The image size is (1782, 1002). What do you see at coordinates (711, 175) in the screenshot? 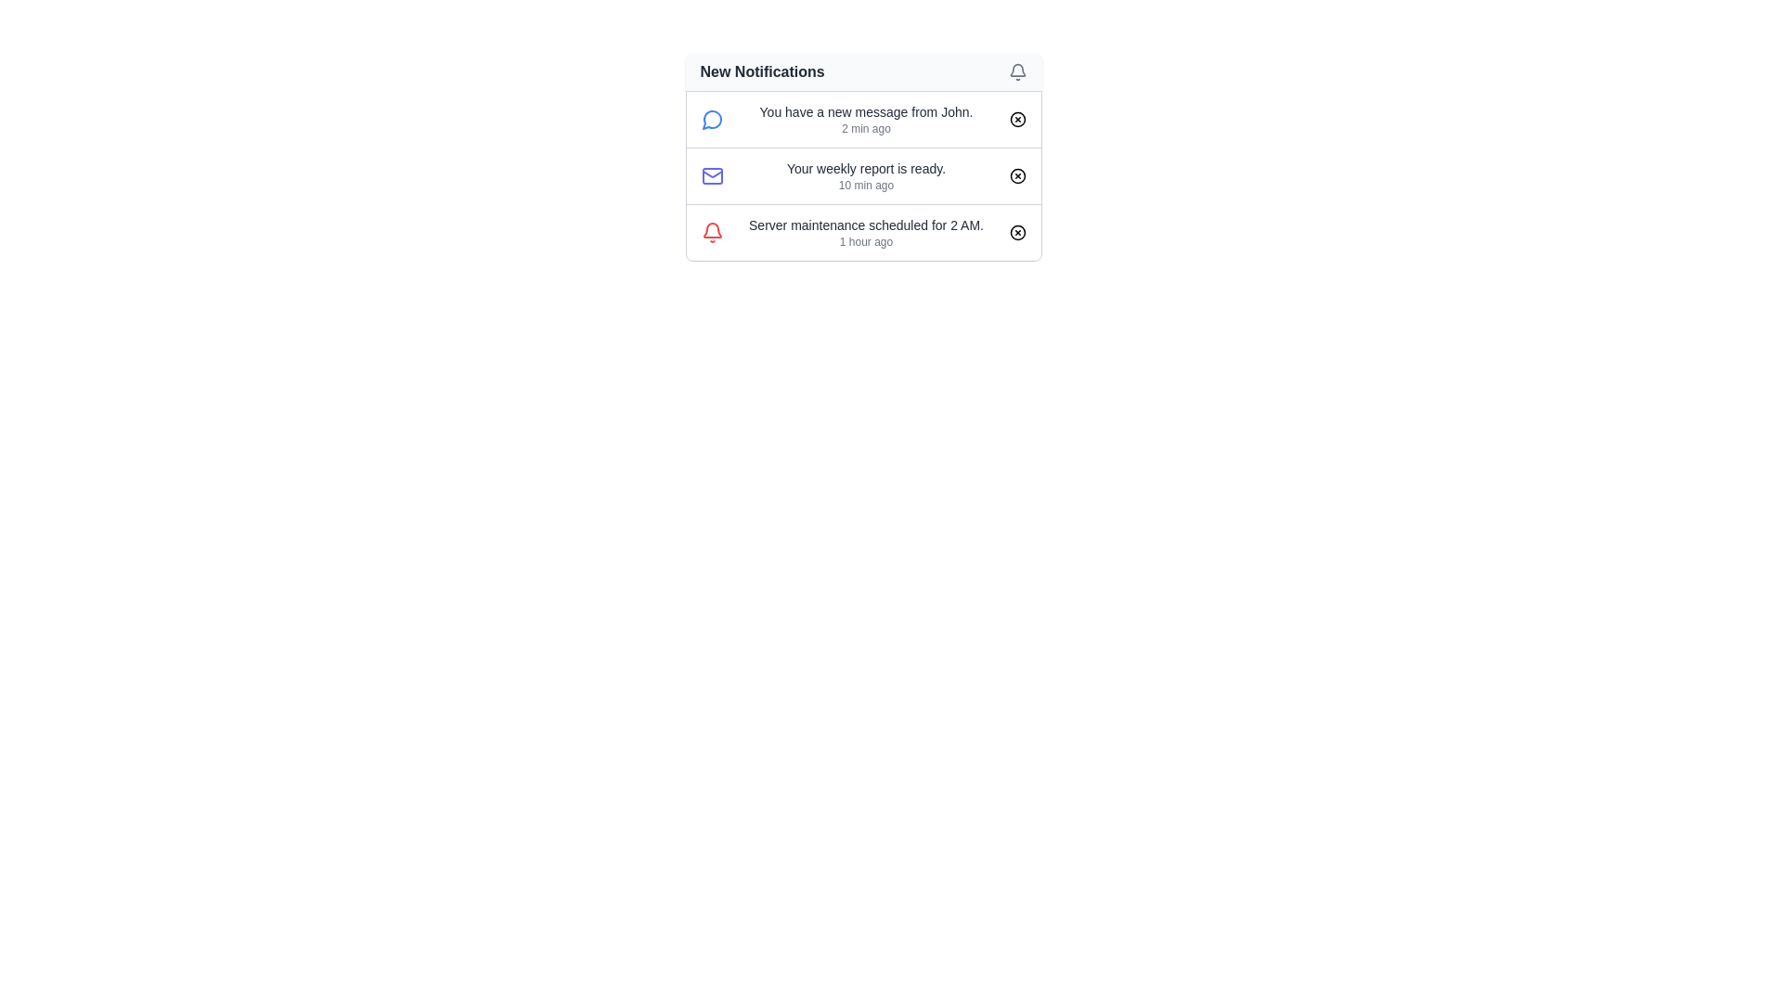
I see `the small rectangular shape with rounded corners located within the mail icon in the second item of the notification list under 'New Notifications'` at bounding box center [711, 175].